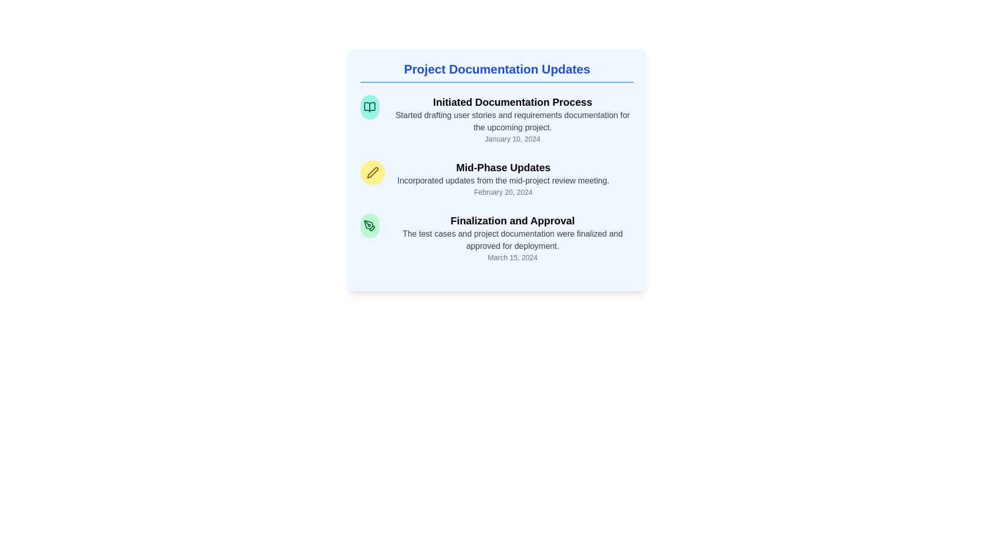 This screenshot has height=552, width=982. Describe the element at coordinates (369, 107) in the screenshot. I see `the decorative icon representing the 'Initiated Documentation Process' phase located at the top-left corner of the teal circle` at that location.